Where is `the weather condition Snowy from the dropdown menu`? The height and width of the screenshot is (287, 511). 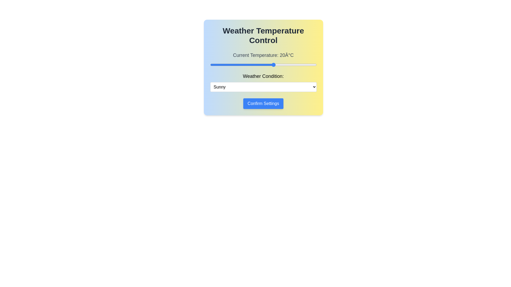 the weather condition Snowy from the dropdown menu is located at coordinates (263, 87).